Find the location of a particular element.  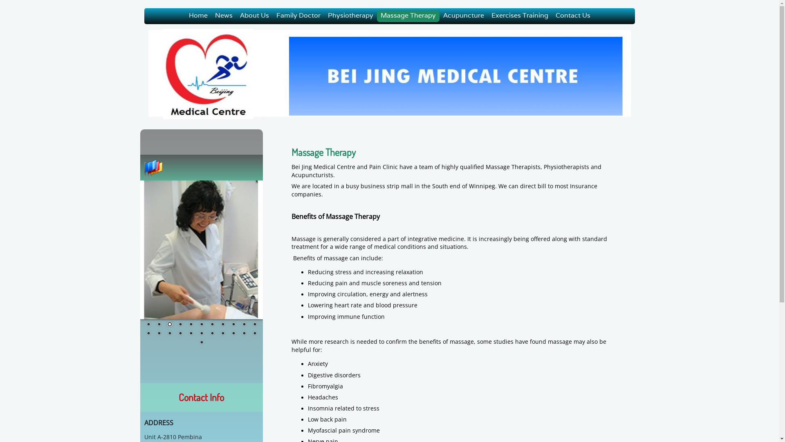

'Family Doctor' is located at coordinates (298, 16).